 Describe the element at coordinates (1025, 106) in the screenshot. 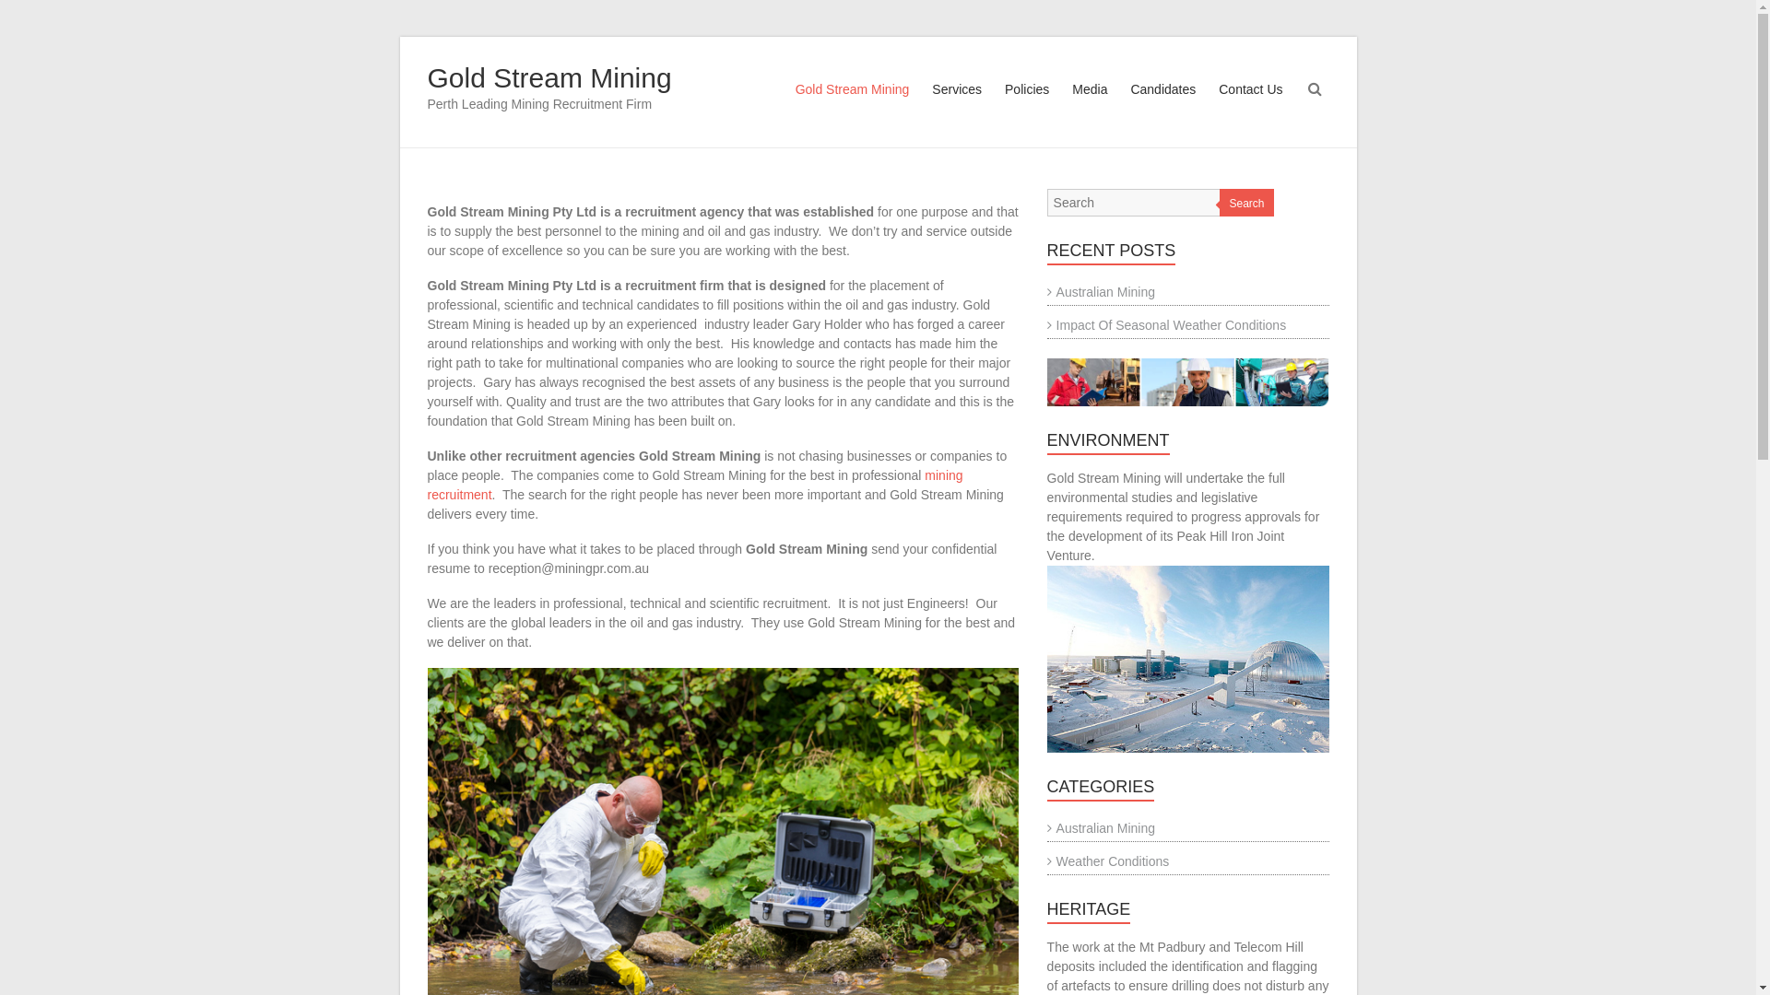

I see `'Policies'` at that location.